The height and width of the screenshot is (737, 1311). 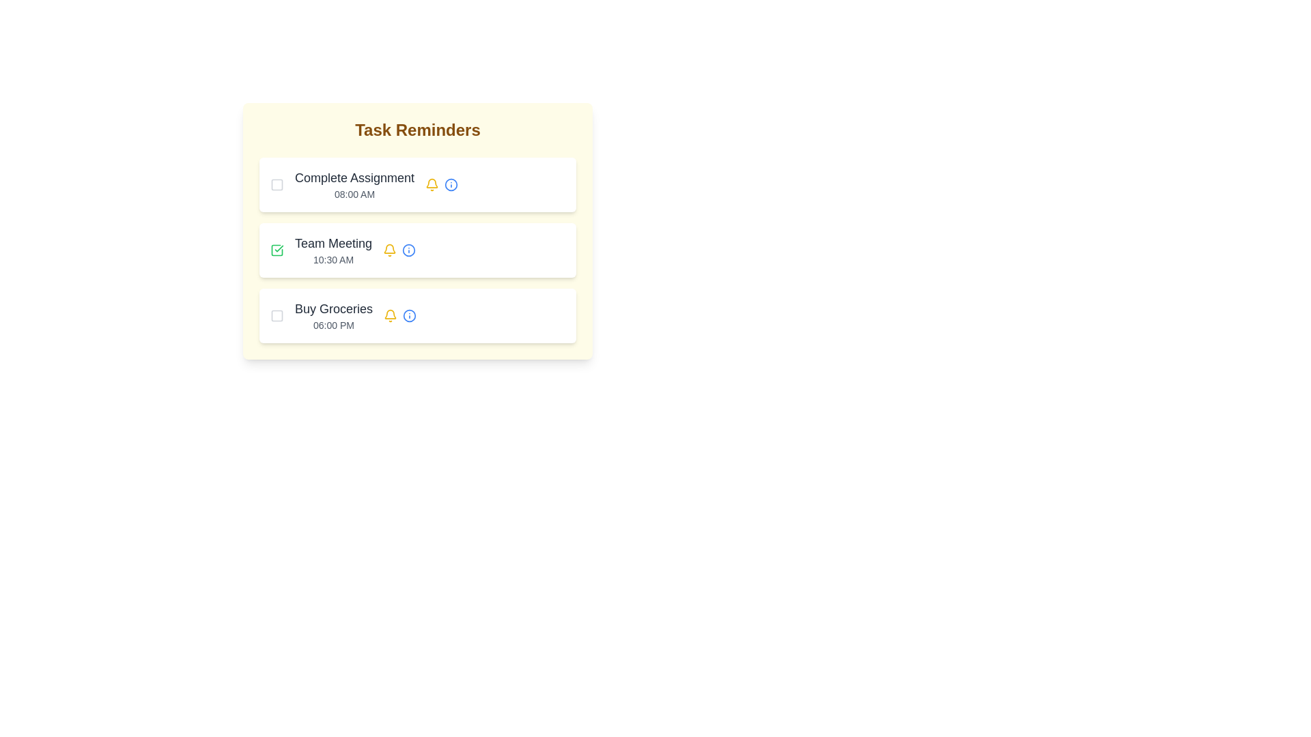 What do you see at coordinates (333, 260) in the screenshot?
I see `the time label reading '10:30 AM', which is styled with small gray text and located beneath the 'Team Meeting' title in the reminders list` at bounding box center [333, 260].